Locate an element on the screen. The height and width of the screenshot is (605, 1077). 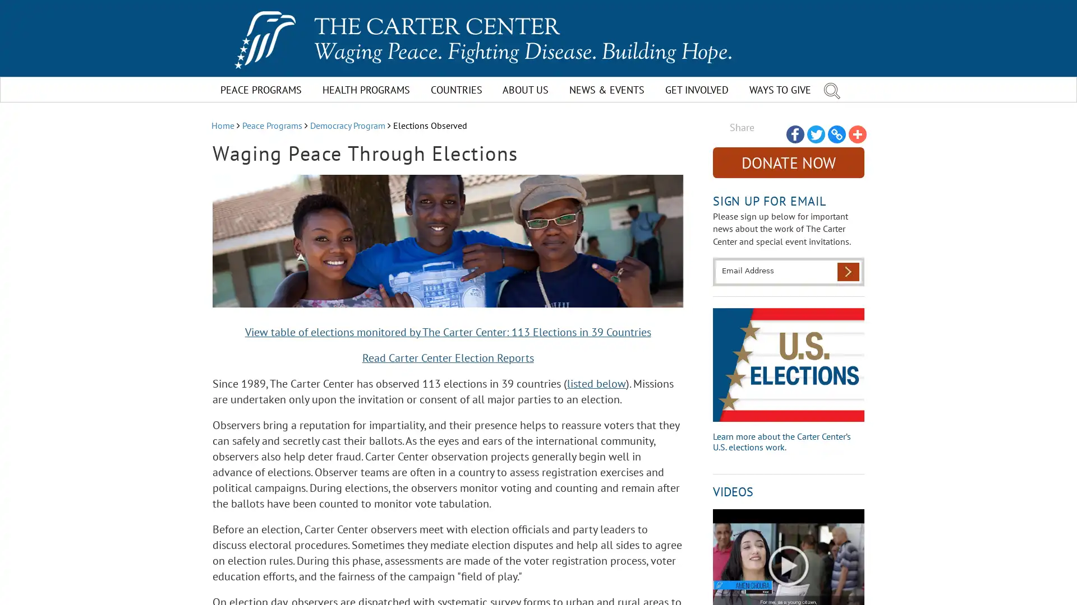
Share to Facebook is located at coordinates (794, 133).